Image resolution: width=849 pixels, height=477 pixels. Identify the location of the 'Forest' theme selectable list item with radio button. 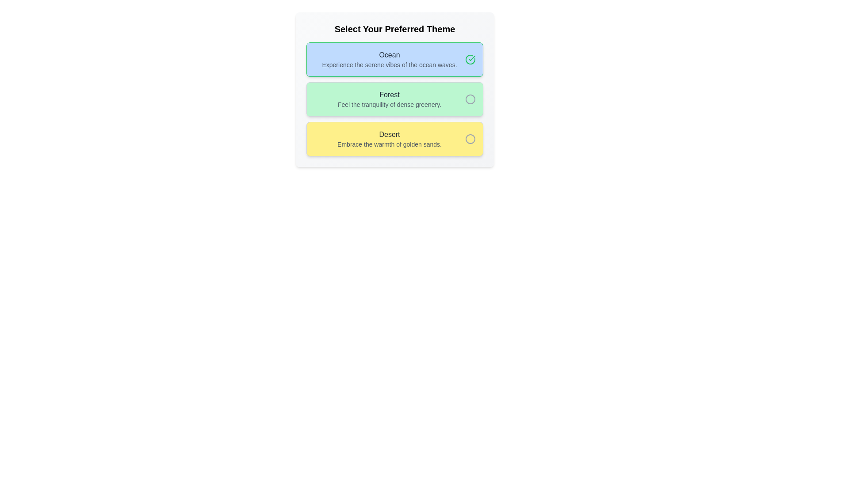
(394, 99).